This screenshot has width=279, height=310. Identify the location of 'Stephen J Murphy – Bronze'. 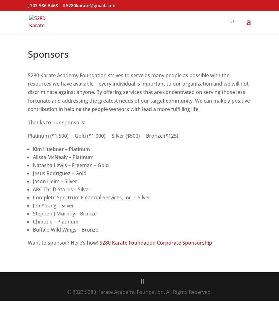
(64, 213).